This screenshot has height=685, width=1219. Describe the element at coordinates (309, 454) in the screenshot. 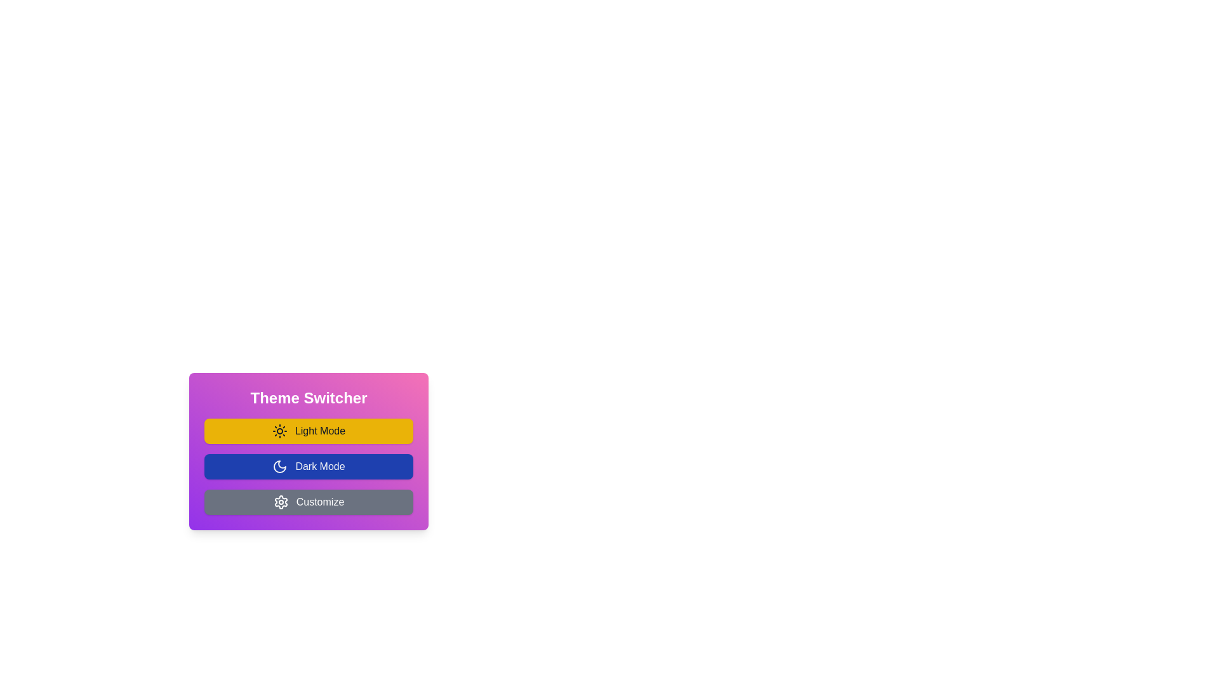

I see `the 'Dark Mode' button, which has a blue background and a white crescent moon icon` at that location.